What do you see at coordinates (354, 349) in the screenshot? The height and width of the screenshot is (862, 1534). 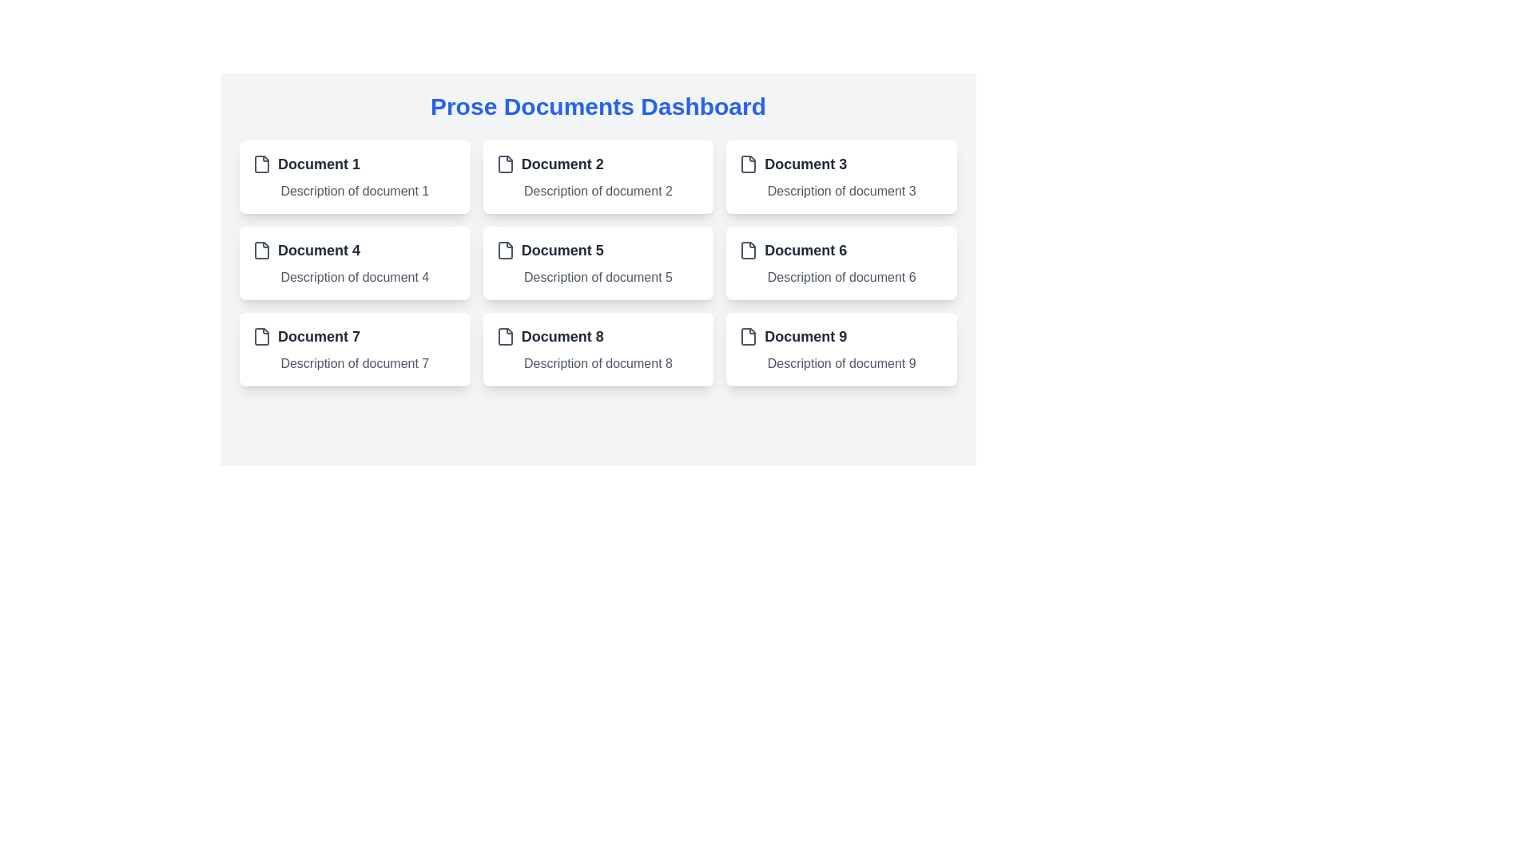 I see `the Card UI component located in the bottom left of the grid, specifically in the first column of the third row` at bounding box center [354, 349].